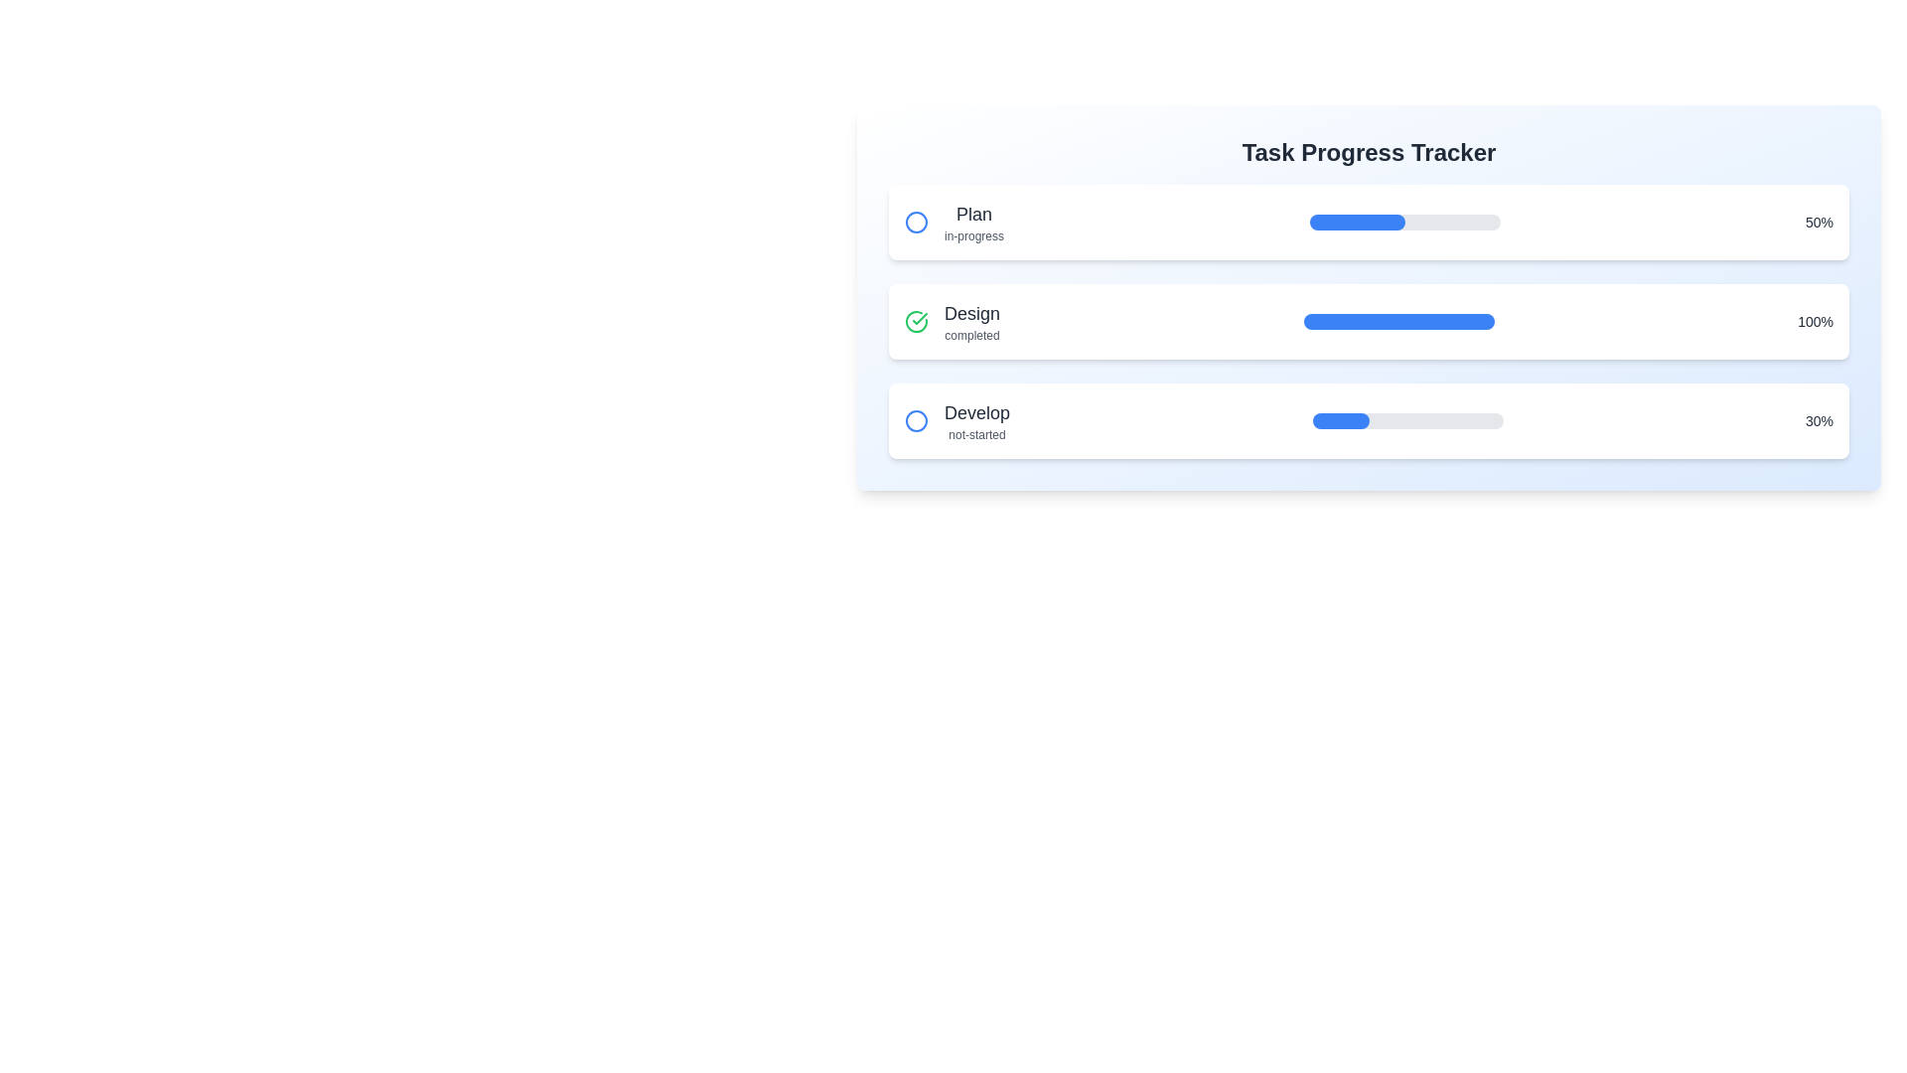  I want to click on the Static Text Label displaying '50%' which indicates a percentage point in a task tracking card, positioned beside a progress bar, so click(1820, 222).